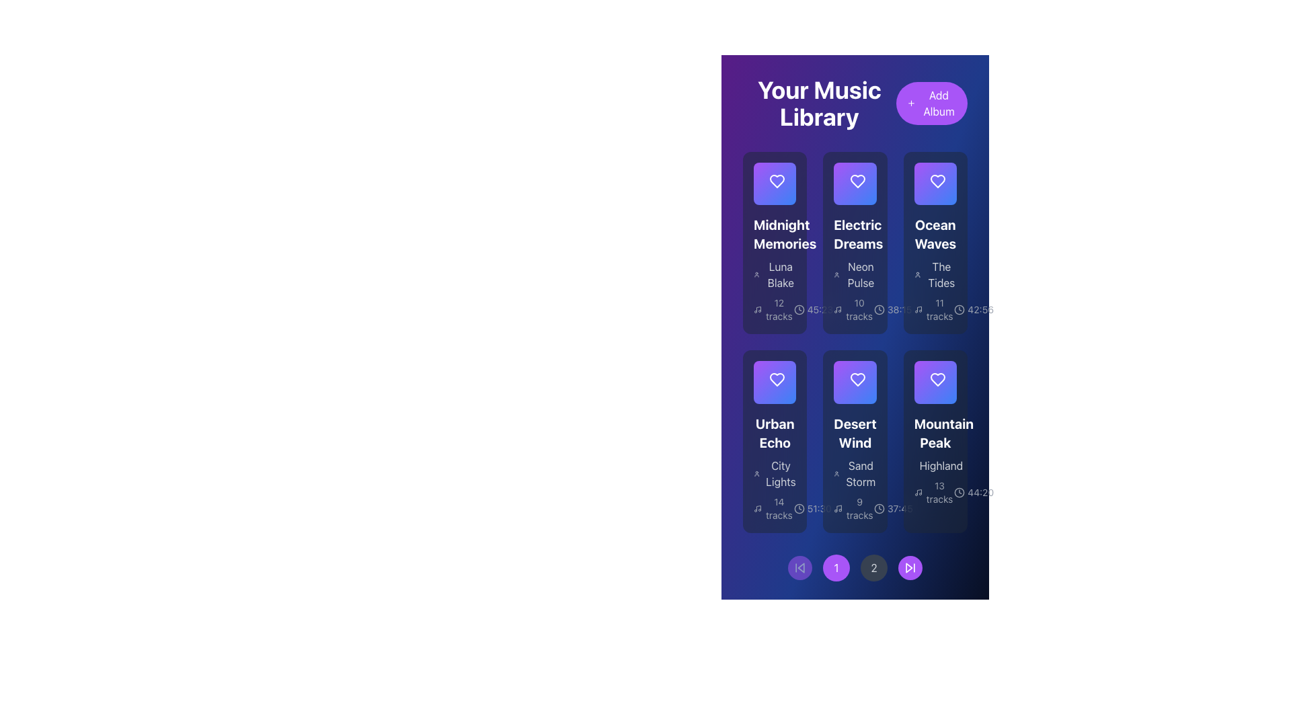  Describe the element at coordinates (855, 441) in the screenshot. I see `the fifth album InfoCard in the music library grid layout for more details` at that location.